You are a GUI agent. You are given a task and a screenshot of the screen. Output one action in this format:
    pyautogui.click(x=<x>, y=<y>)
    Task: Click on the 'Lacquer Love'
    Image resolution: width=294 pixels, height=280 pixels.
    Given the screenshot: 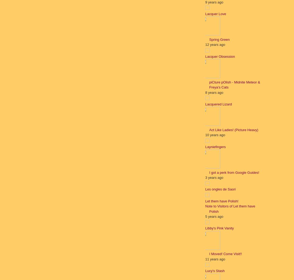 What is the action you would take?
    pyautogui.click(x=215, y=14)
    